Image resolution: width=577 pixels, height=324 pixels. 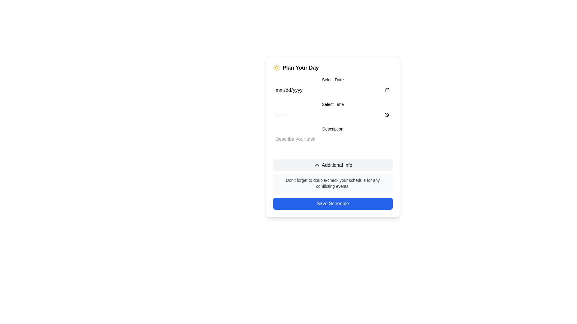 I want to click on the static text label displaying 'Select Date' located above the date input field in the 'Plan Your Day' panel, so click(x=332, y=79).